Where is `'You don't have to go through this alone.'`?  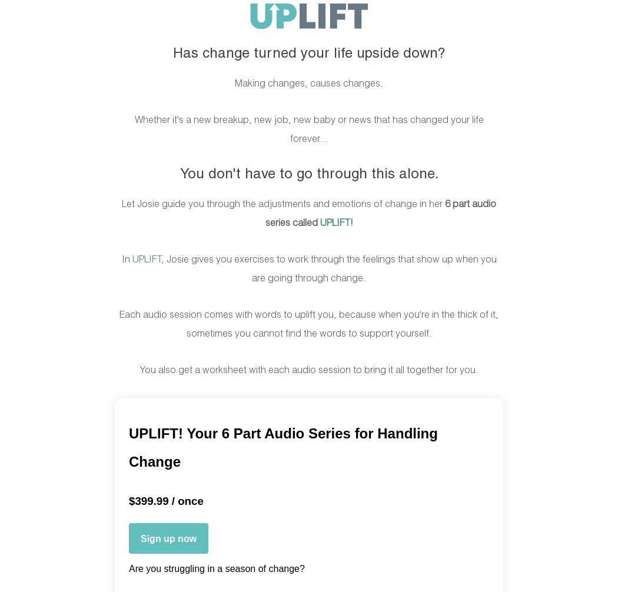 'You don't have to go through this alone.' is located at coordinates (308, 174).